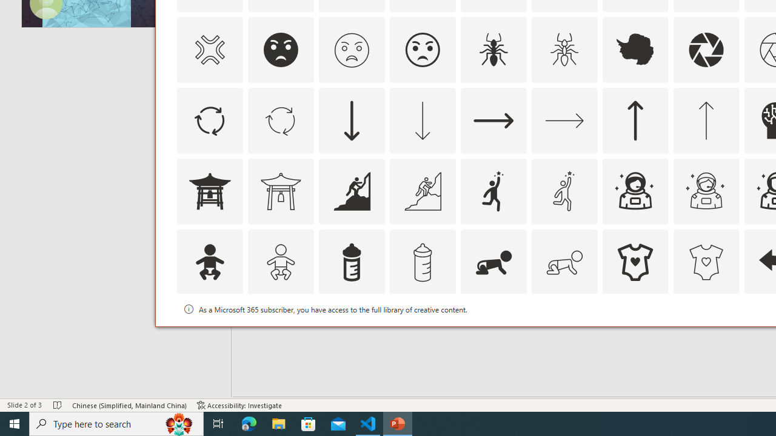 This screenshot has height=436, width=776. I want to click on 'AutomationID: Icons_BabyBottle', so click(350, 261).